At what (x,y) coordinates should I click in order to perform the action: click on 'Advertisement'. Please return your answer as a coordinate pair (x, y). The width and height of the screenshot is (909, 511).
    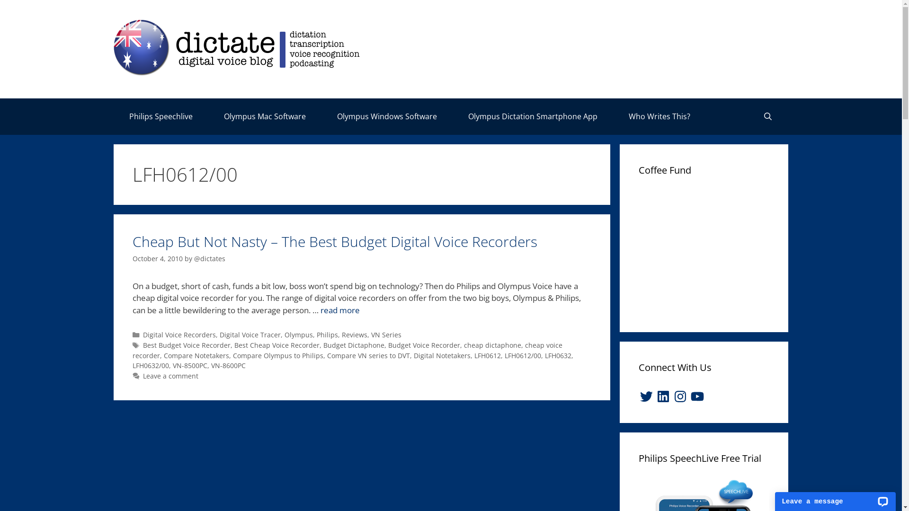
    Looking at the image, I should click on (709, 250).